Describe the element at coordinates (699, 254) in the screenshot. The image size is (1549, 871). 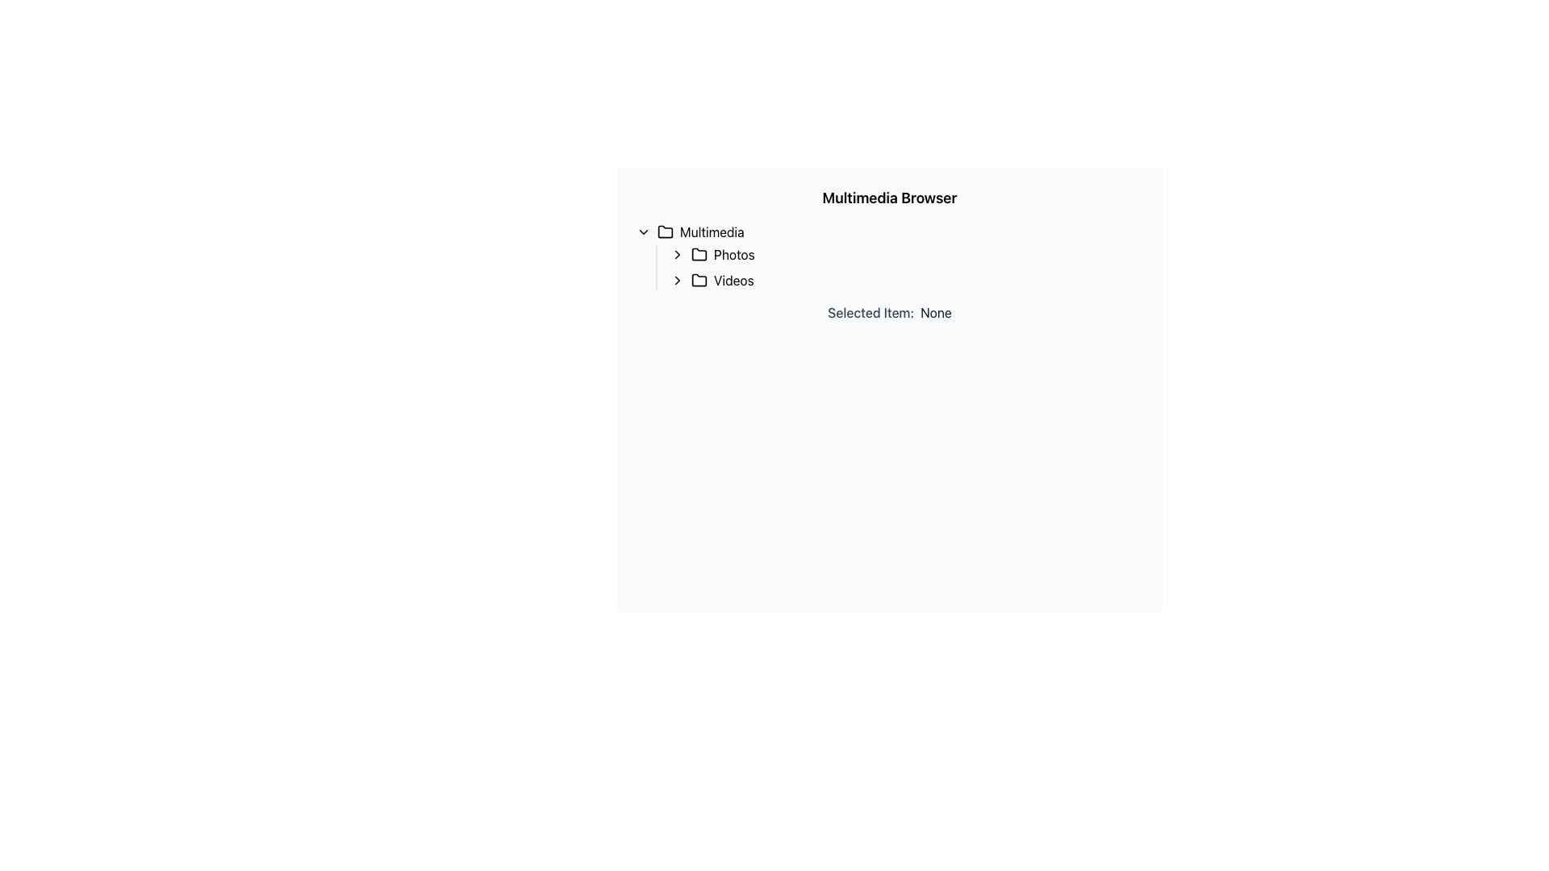
I see `the small black-bordered folder icon located directly to the left of the 'Photos' label in the 'Multimedia' folder menu` at that location.